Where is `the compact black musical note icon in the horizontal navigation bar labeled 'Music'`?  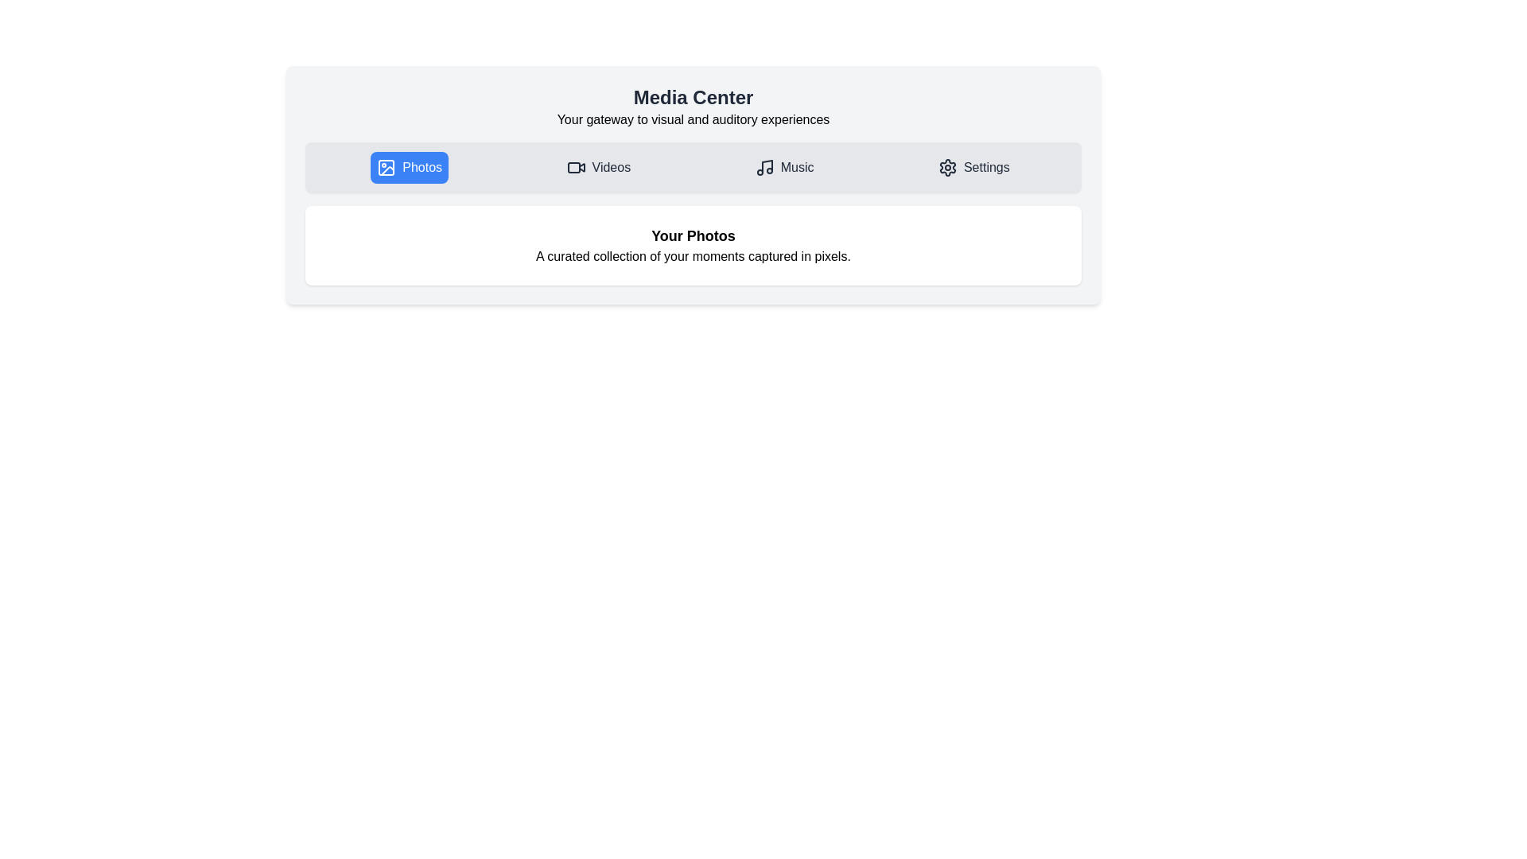 the compact black musical note icon in the horizontal navigation bar labeled 'Music' is located at coordinates (764, 168).